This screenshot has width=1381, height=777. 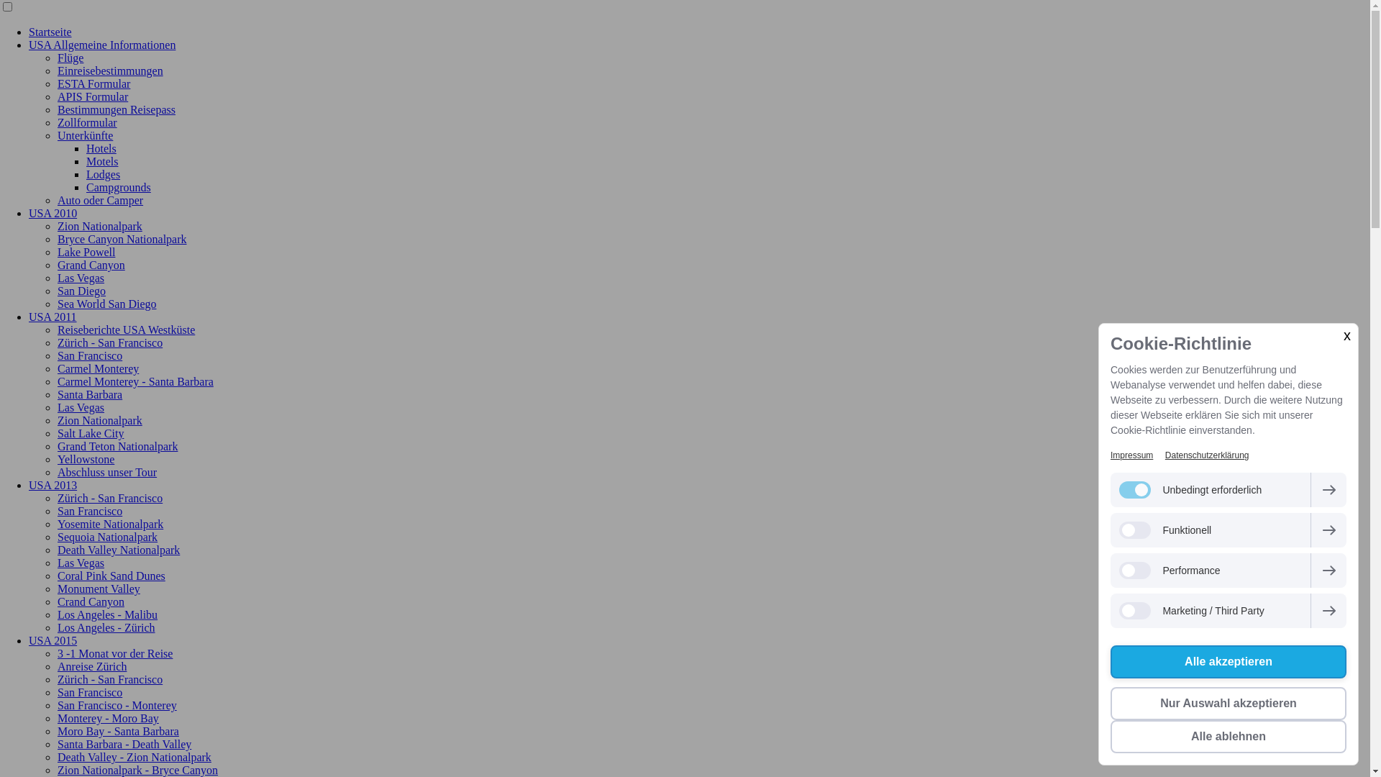 I want to click on 'Sea World San Diego', so click(x=58, y=303).